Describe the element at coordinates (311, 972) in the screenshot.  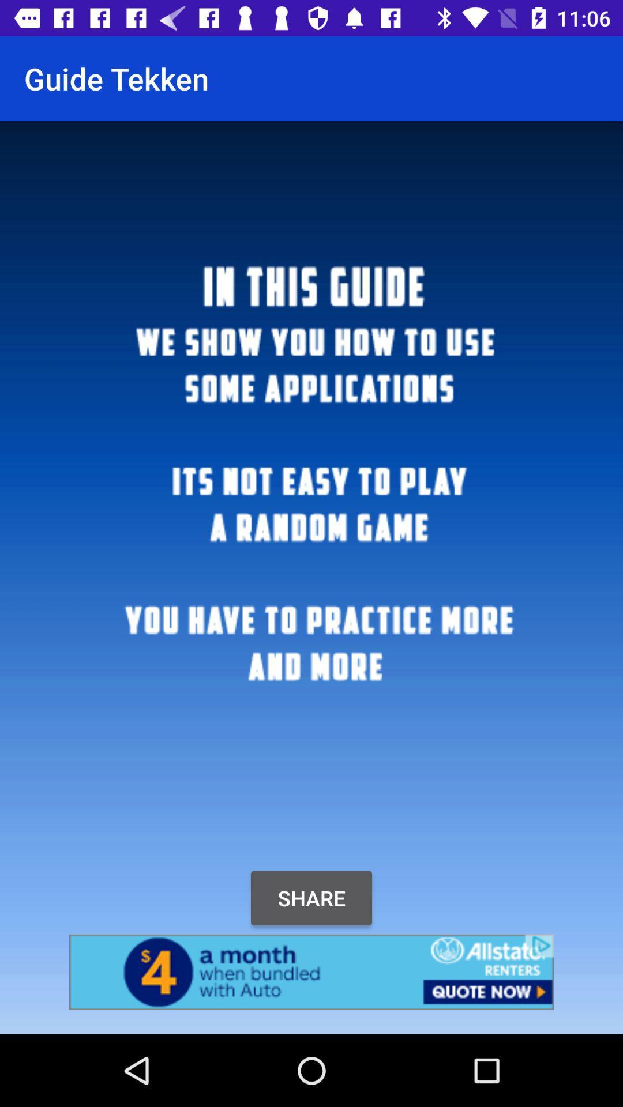
I see `the option` at that location.